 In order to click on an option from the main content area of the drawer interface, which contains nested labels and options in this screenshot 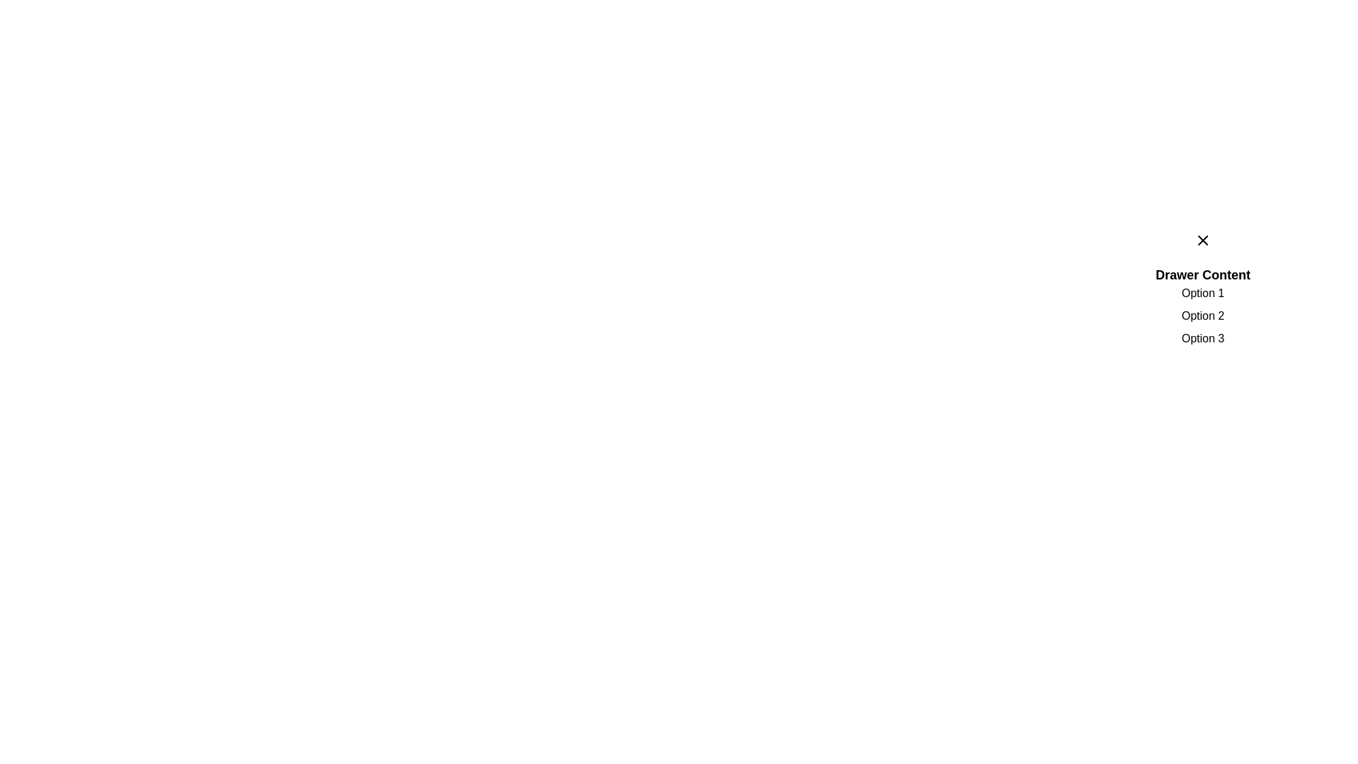, I will do `click(1202, 294)`.